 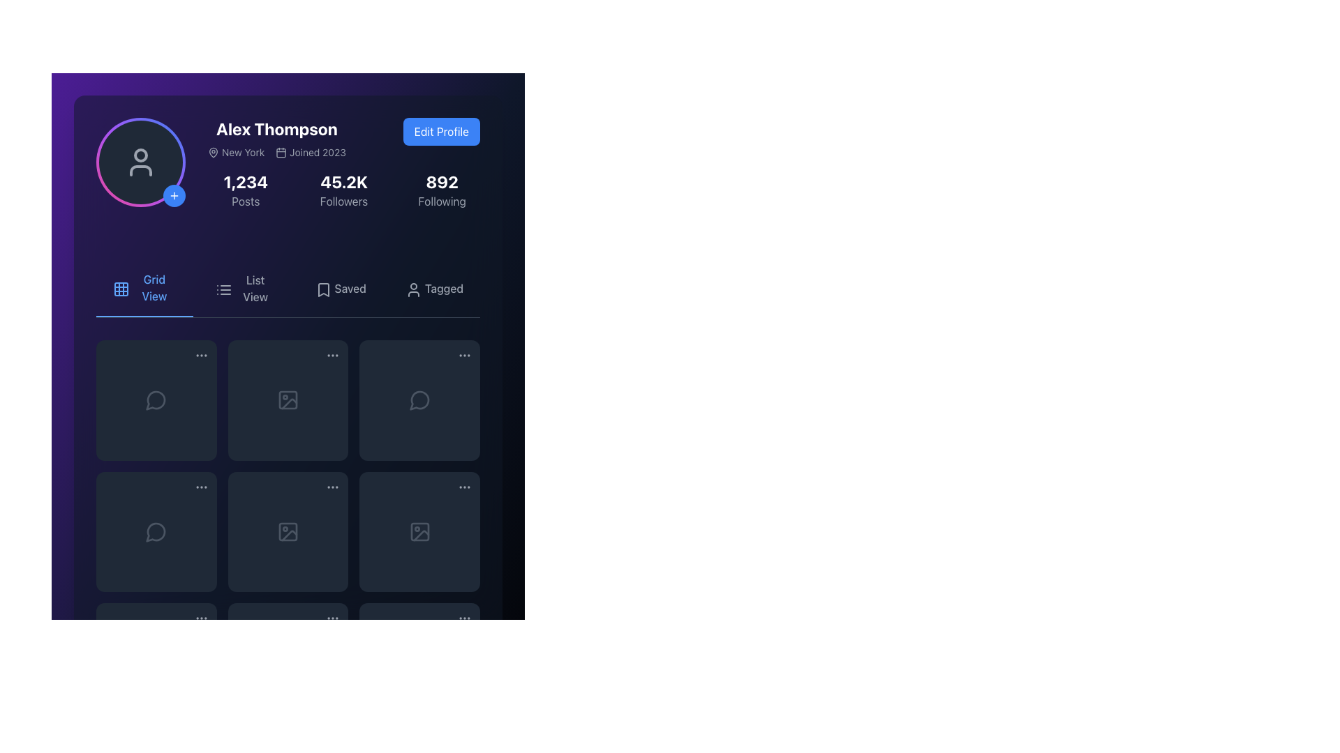 I want to click on the button represented by three horizontally aligned gray dots located, so click(x=200, y=486).